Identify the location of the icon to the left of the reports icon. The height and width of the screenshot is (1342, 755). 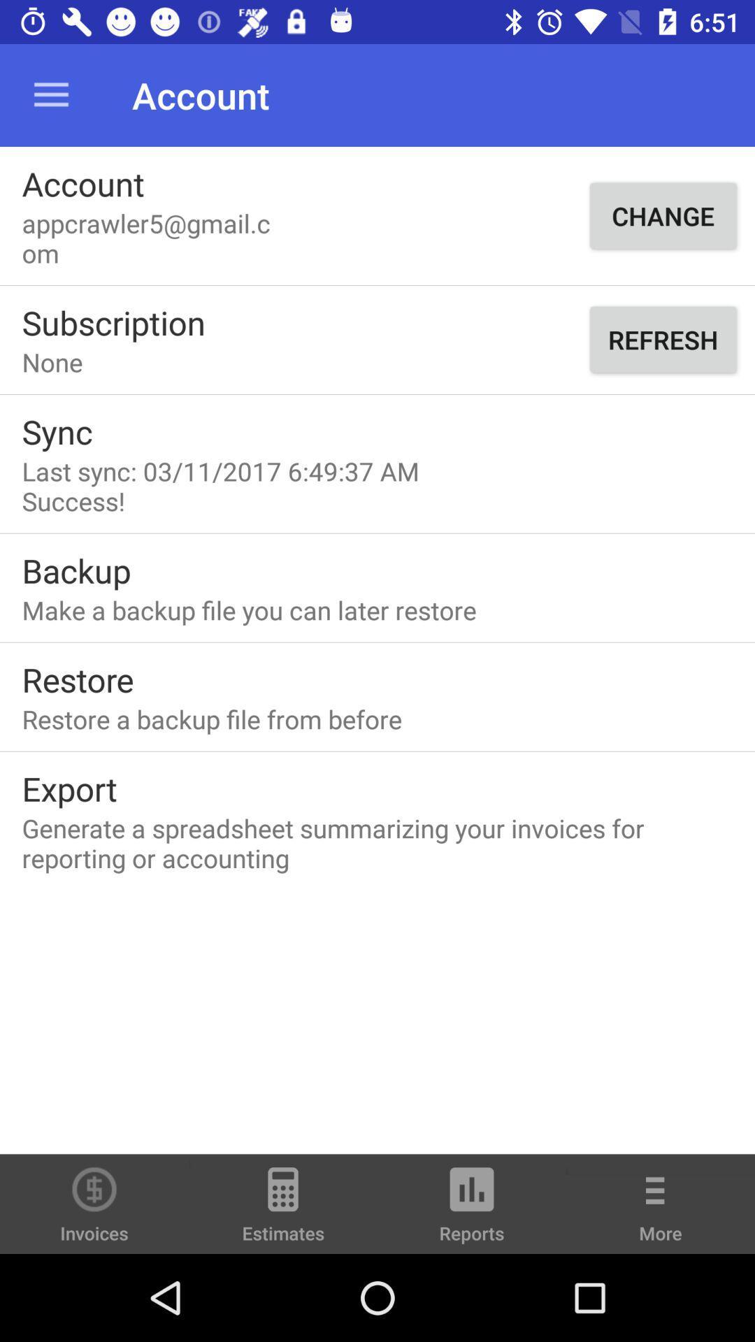
(283, 1210).